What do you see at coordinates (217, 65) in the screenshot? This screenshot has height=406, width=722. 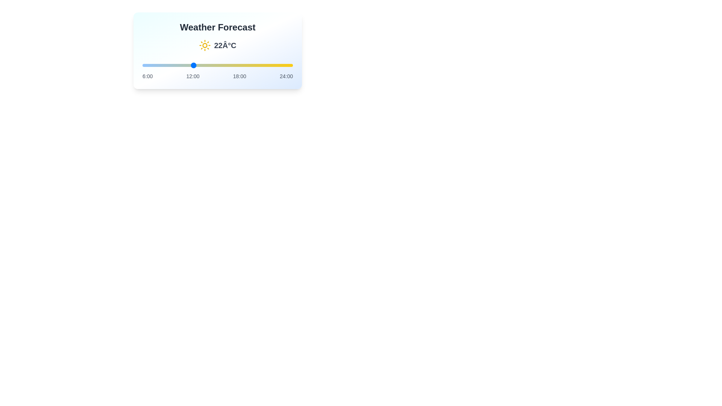 I see `the slider handle to interact with the time labels` at bounding box center [217, 65].